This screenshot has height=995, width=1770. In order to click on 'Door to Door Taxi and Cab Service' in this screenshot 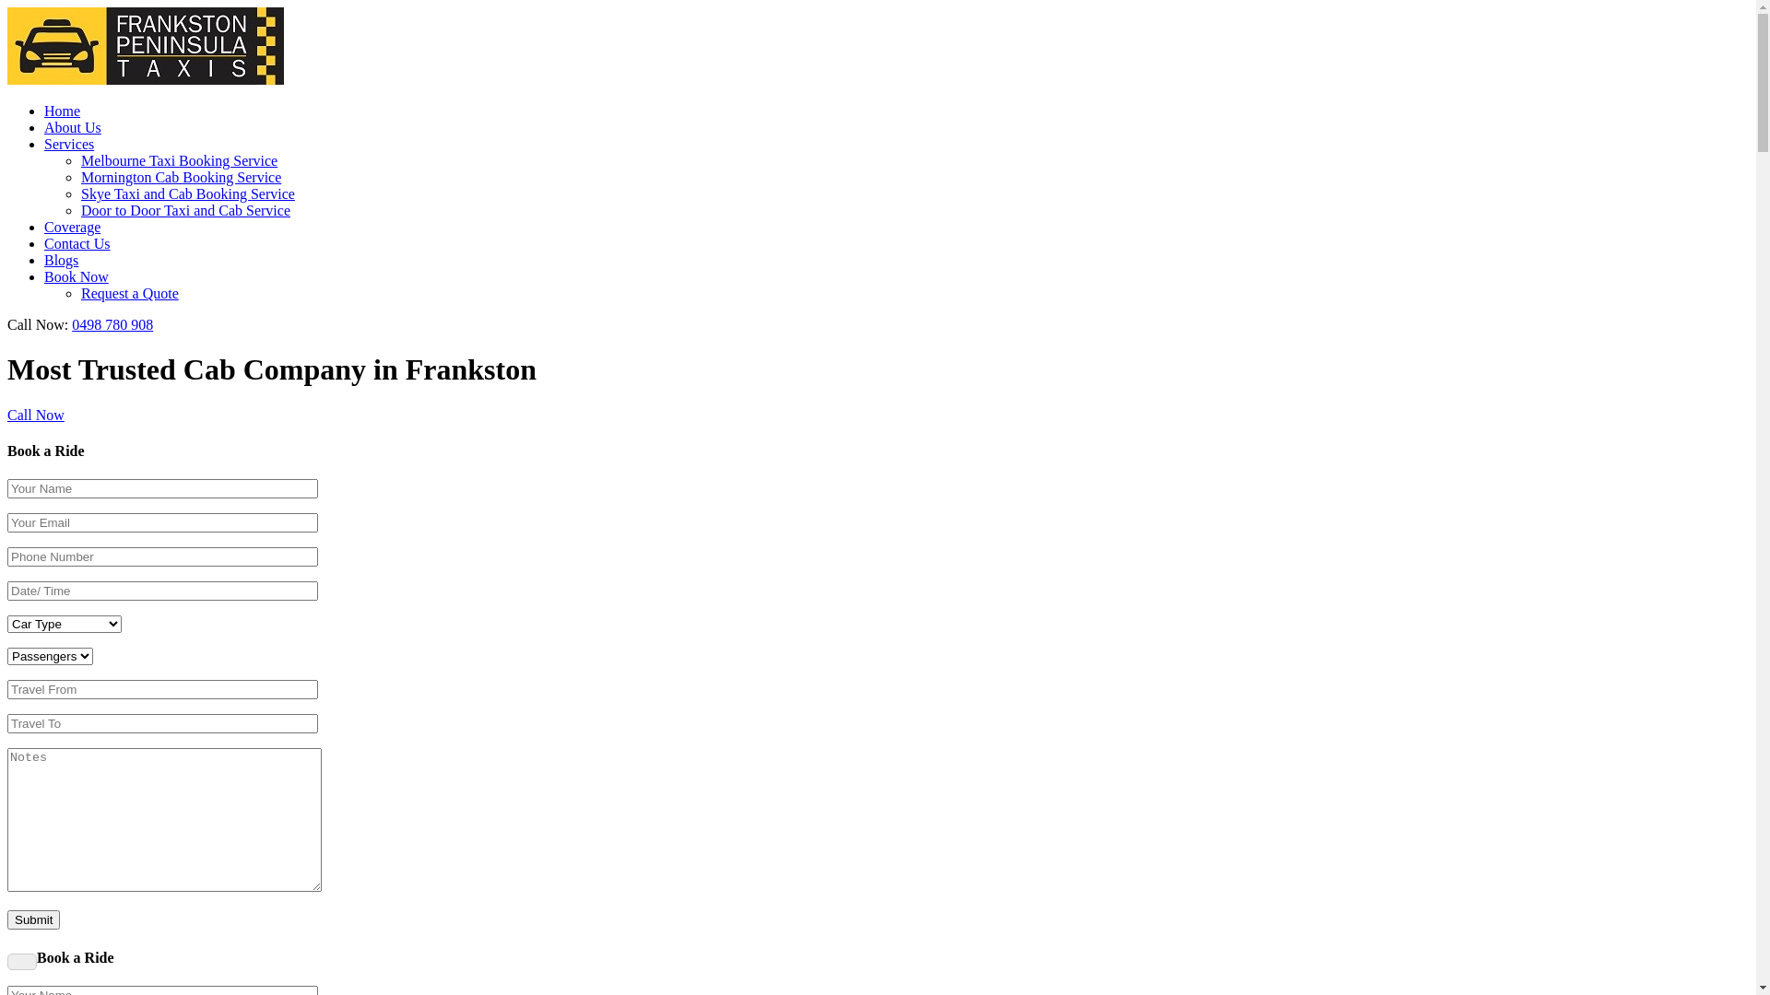, I will do `click(185, 209)`.